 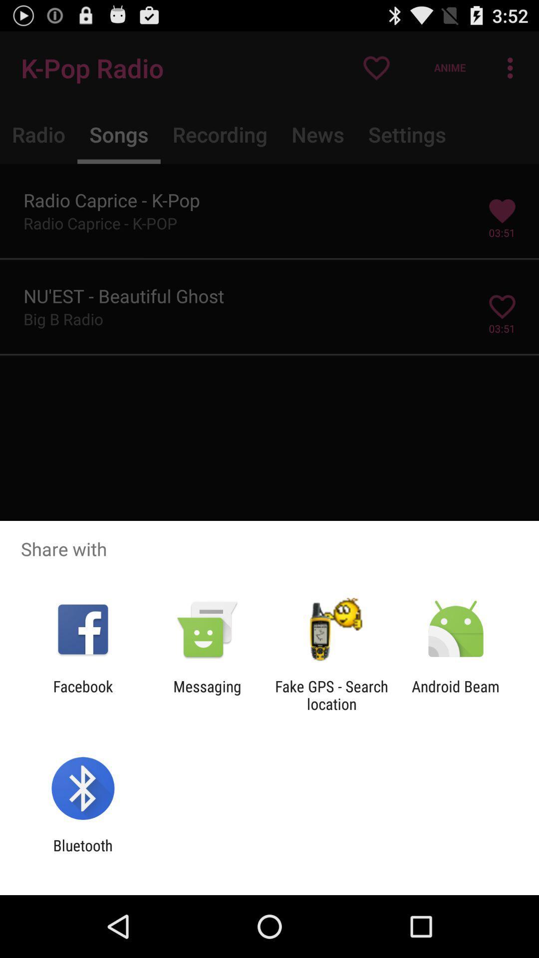 What do you see at coordinates (82, 854) in the screenshot?
I see `the bluetooth icon` at bounding box center [82, 854].